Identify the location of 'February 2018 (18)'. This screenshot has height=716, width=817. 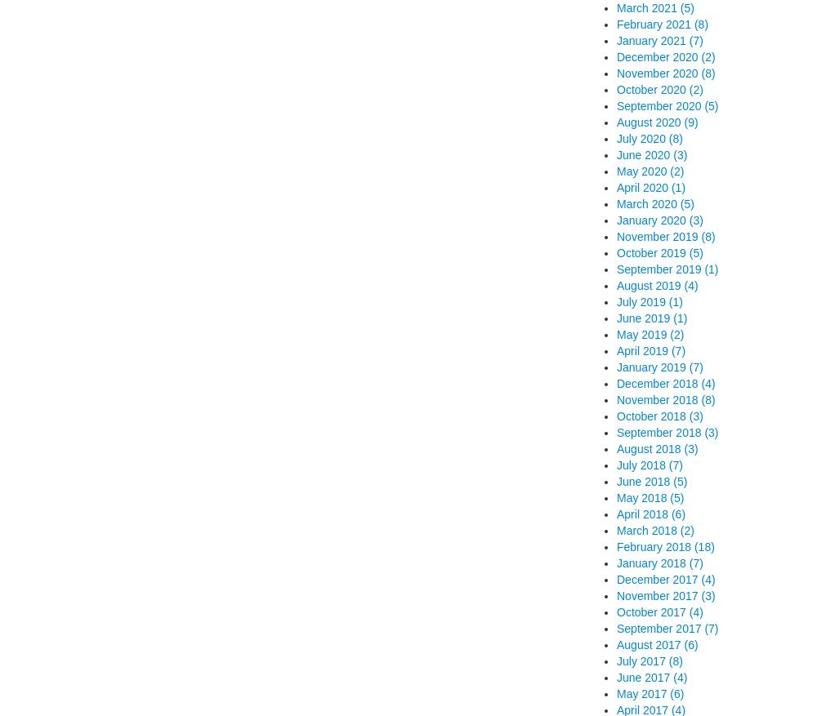
(664, 547).